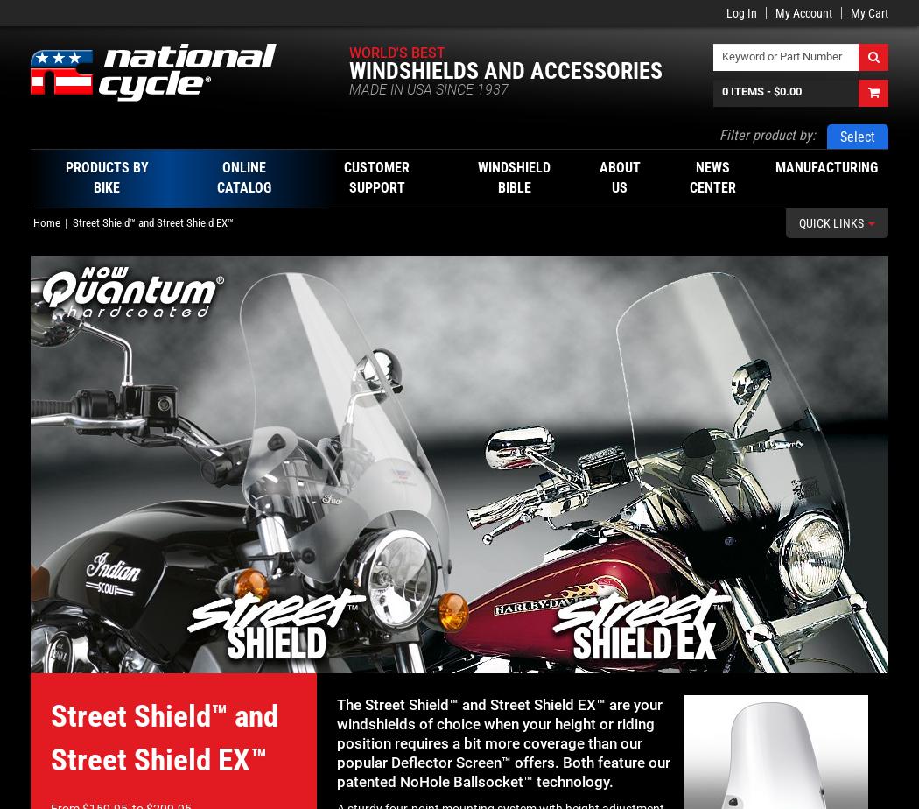  I want to click on '$0.00', so click(786, 91).